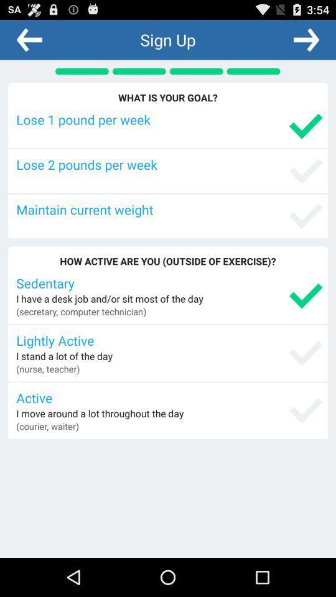  I want to click on the icon to the left of sign up, so click(29, 39).